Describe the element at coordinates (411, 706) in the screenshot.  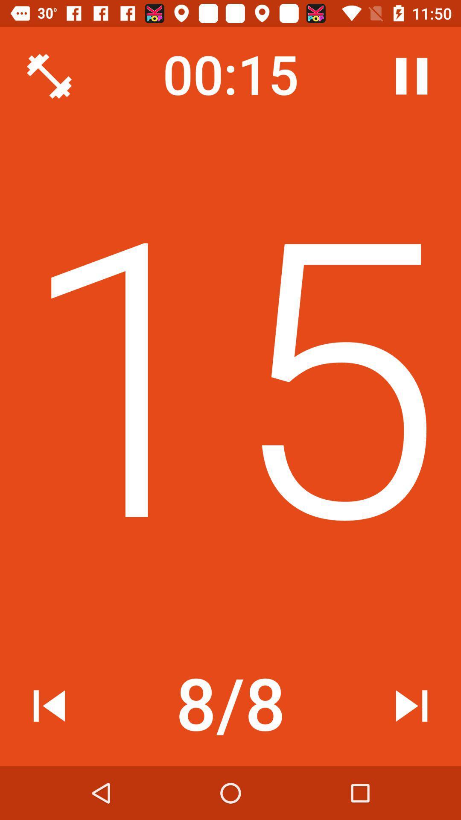
I see `the icon next to the 8/8 icon` at that location.